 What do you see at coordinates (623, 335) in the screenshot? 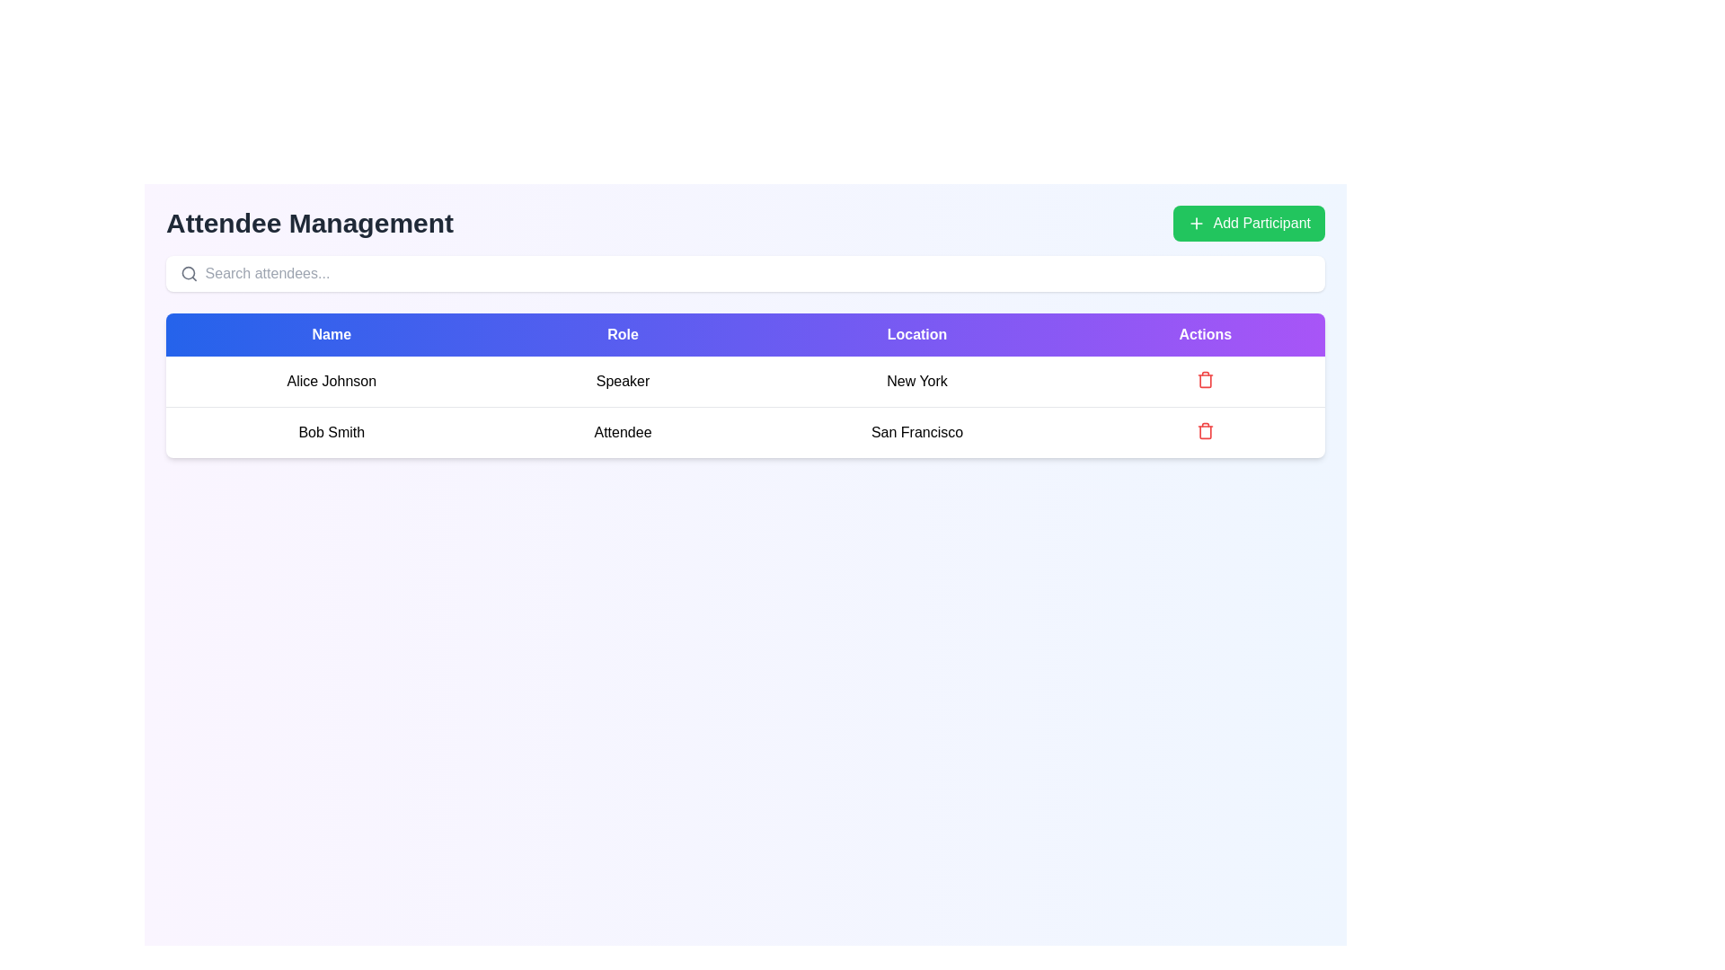
I see `the Table Header Cell labeled 'Role', which is the second cell in the header row of the table, positioned between 'Name' and 'Location'` at bounding box center [623, 335].